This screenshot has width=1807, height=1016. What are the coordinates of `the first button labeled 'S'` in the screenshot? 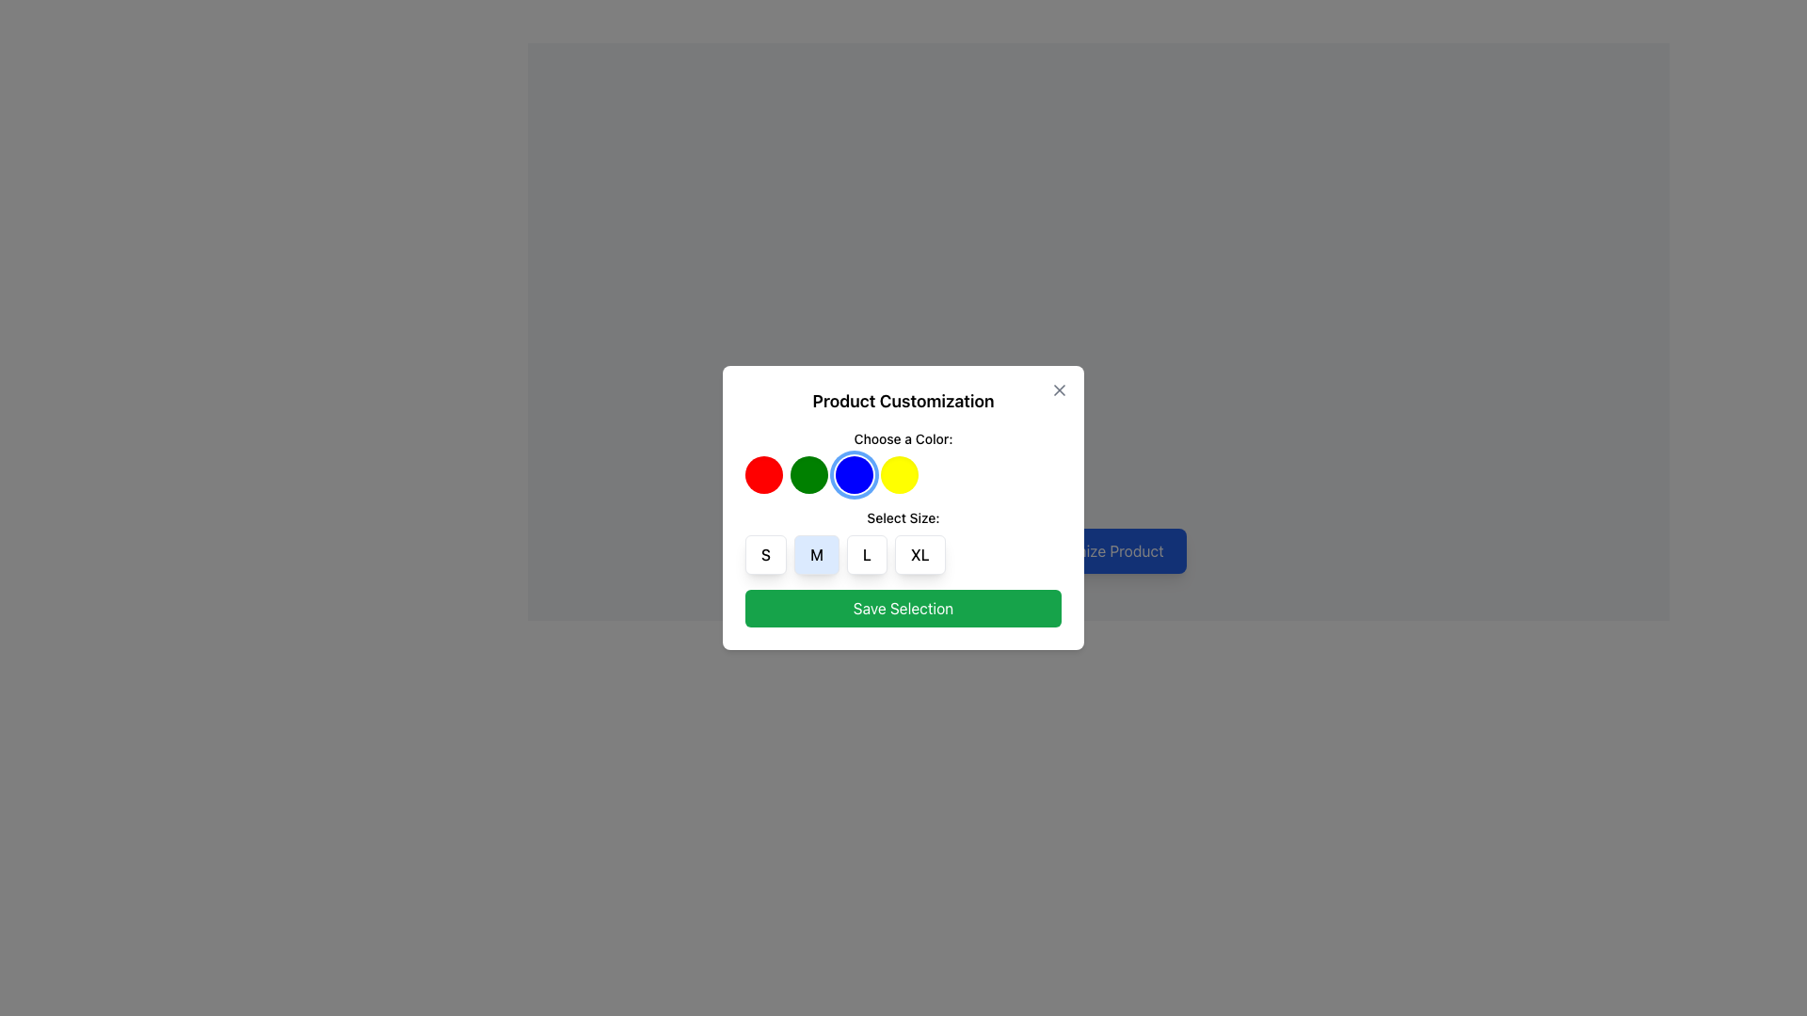 It's located at (766, 554).